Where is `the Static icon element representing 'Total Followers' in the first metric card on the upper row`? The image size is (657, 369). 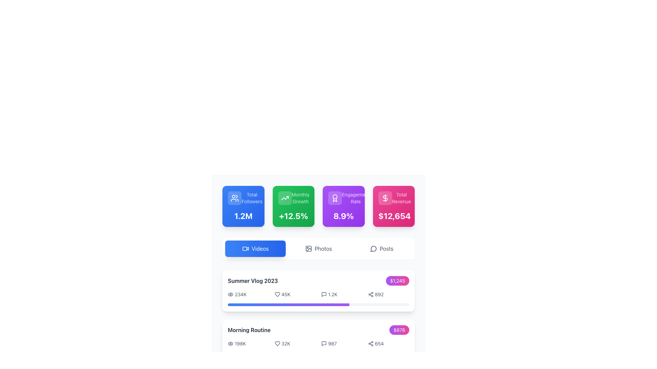
the Static icon element representing 'Total Followers' in the first metric card on the upper row is located at coordinates (235, 198).